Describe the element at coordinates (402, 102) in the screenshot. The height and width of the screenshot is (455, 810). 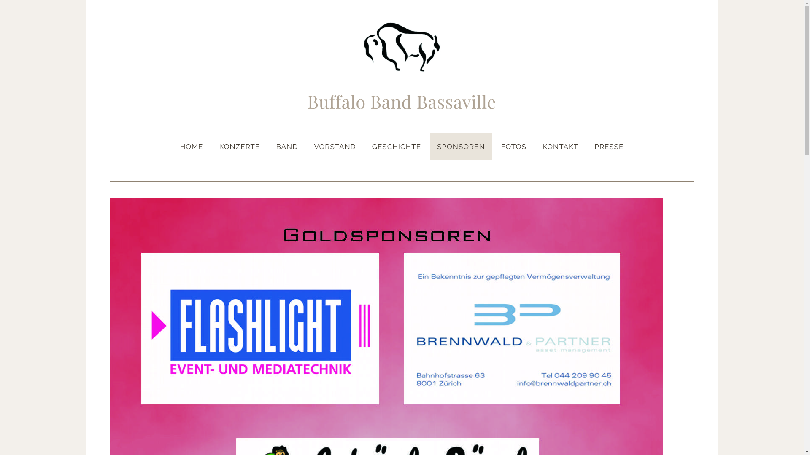
I see `'Buffalo Band Bassaville'` at that location.